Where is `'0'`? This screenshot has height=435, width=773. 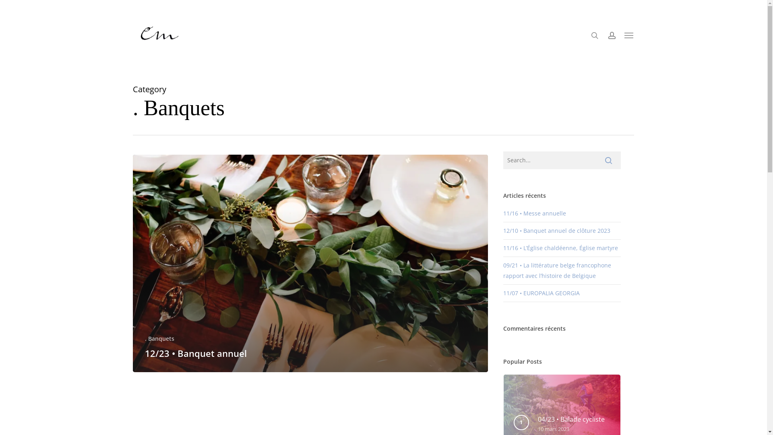
'0' is located at coordinates (624, 39).